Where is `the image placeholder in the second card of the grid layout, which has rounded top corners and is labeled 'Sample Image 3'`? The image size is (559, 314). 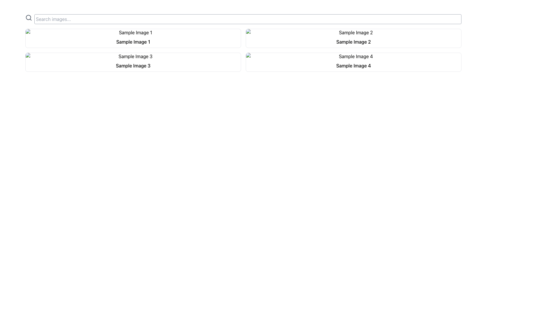
the image placeholder in the second card of the grid layout, which has rounded top corners and is labeled 'Sample Image 3' is located at coordinates (133, 56).